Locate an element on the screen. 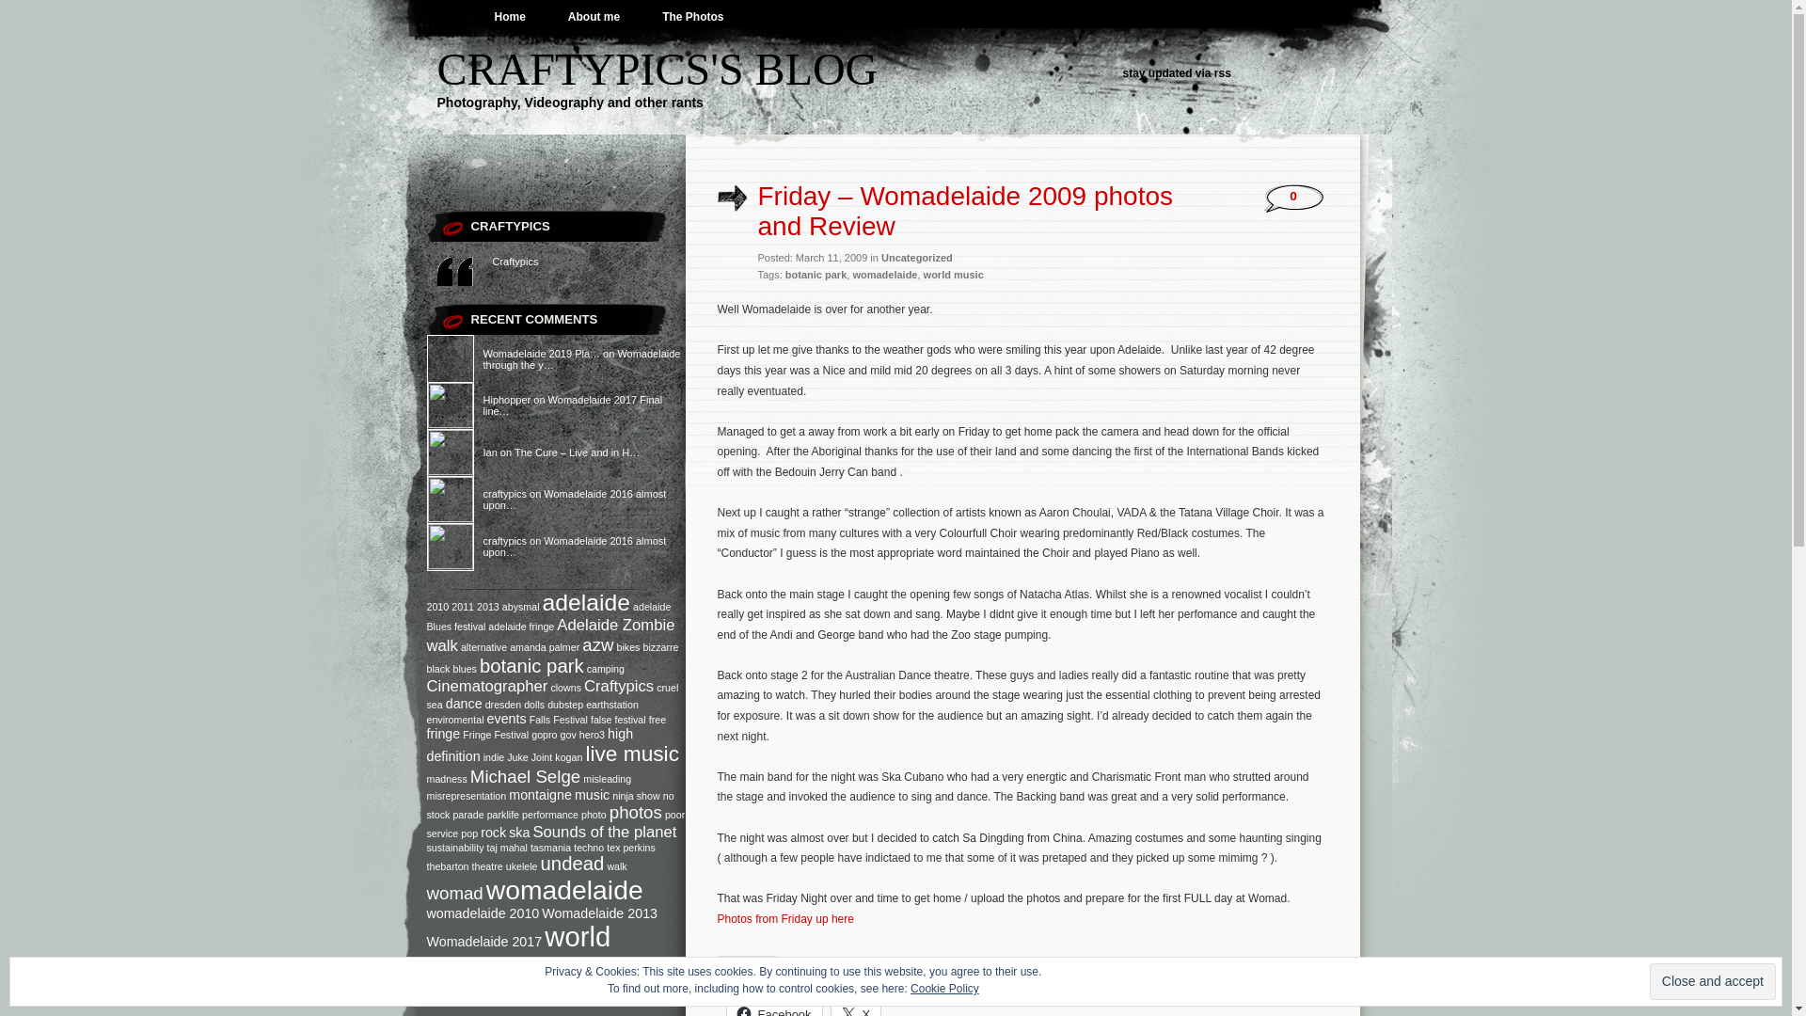 The width and height of the screenshot is (1806, 1016). 'amanda palmer' is located at coordinates (544, 645).